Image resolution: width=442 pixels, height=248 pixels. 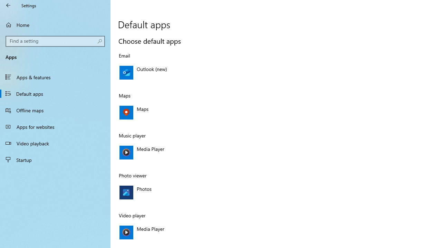 I want to click on 'Apps for websites', so click(x=55, y=126).